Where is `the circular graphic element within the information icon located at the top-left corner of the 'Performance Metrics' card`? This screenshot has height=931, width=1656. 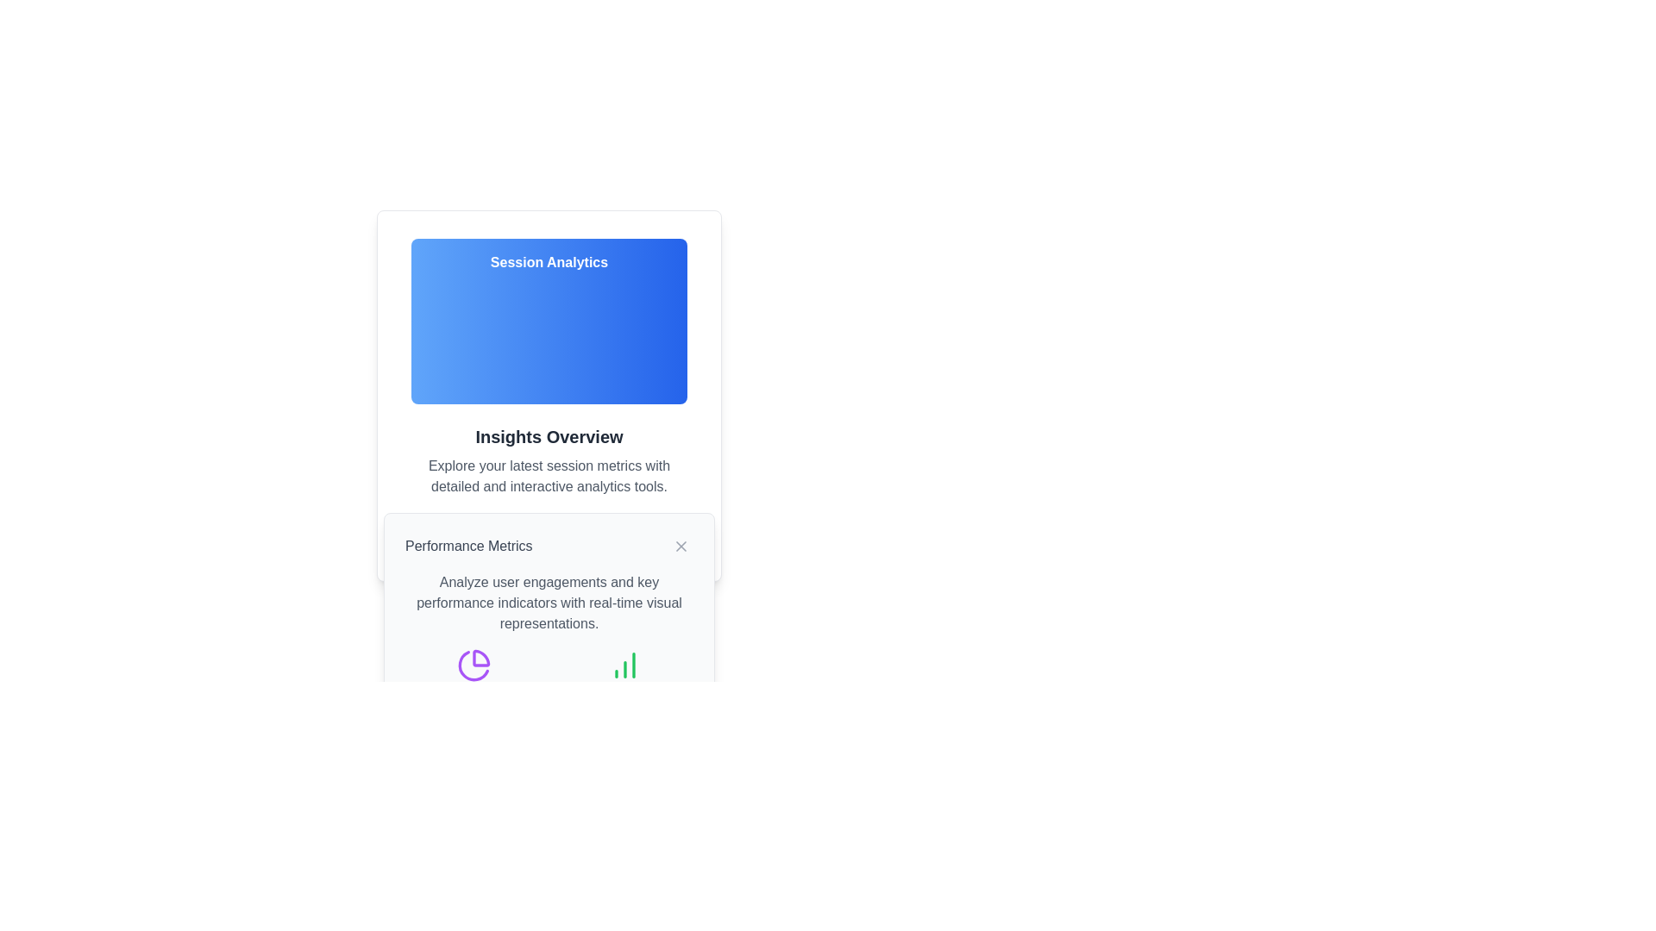
the circular graphic element within the information icon located at the top-left corner of the 'Performance Metrics' card is located at coordinates (507, 534).